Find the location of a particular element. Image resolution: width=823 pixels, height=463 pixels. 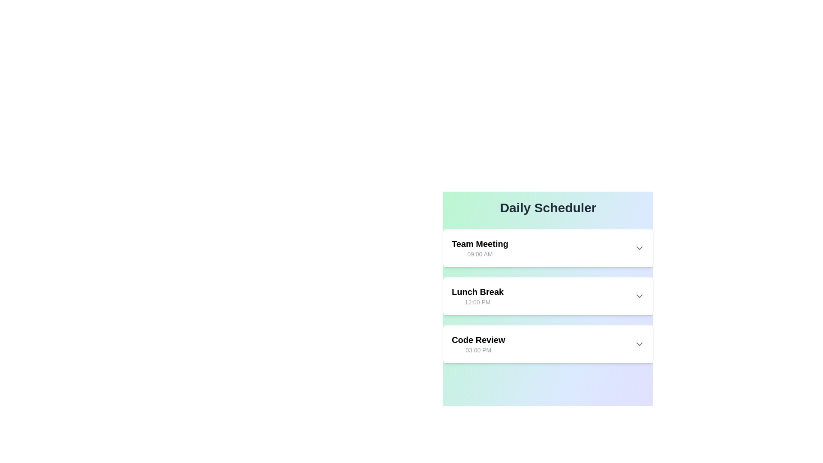

the 'Code Review' text label, which is positioned above the timestamp '03:00 PM' in the third collapsible section of the scheduler interface is located at coordinates (478, 340).